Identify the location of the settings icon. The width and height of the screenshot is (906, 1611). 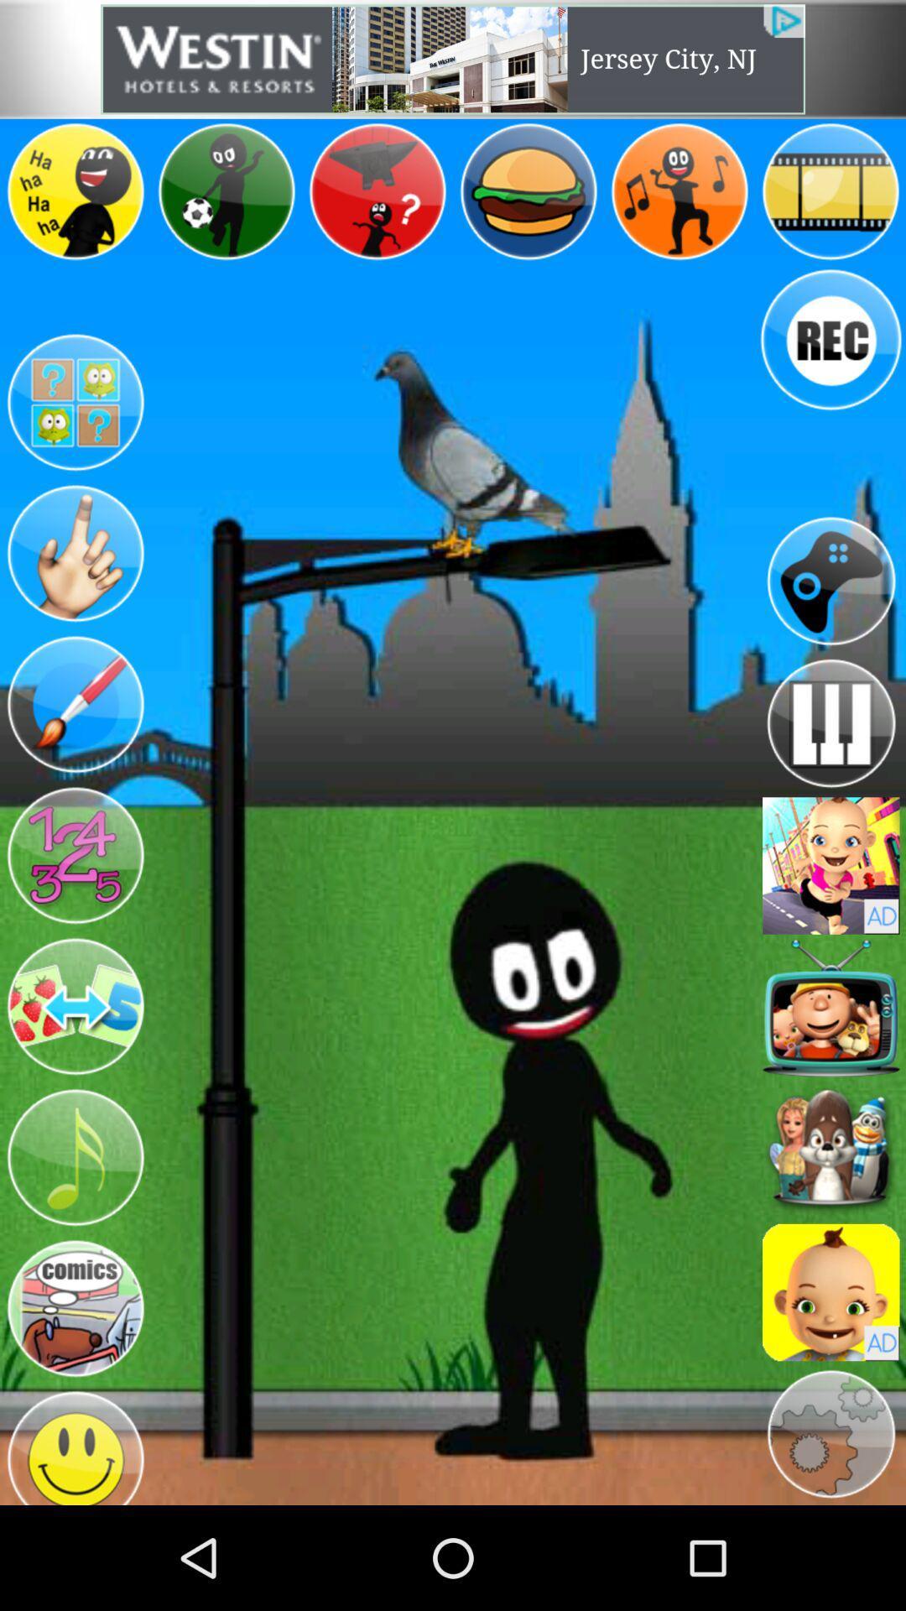
(830, 1535).